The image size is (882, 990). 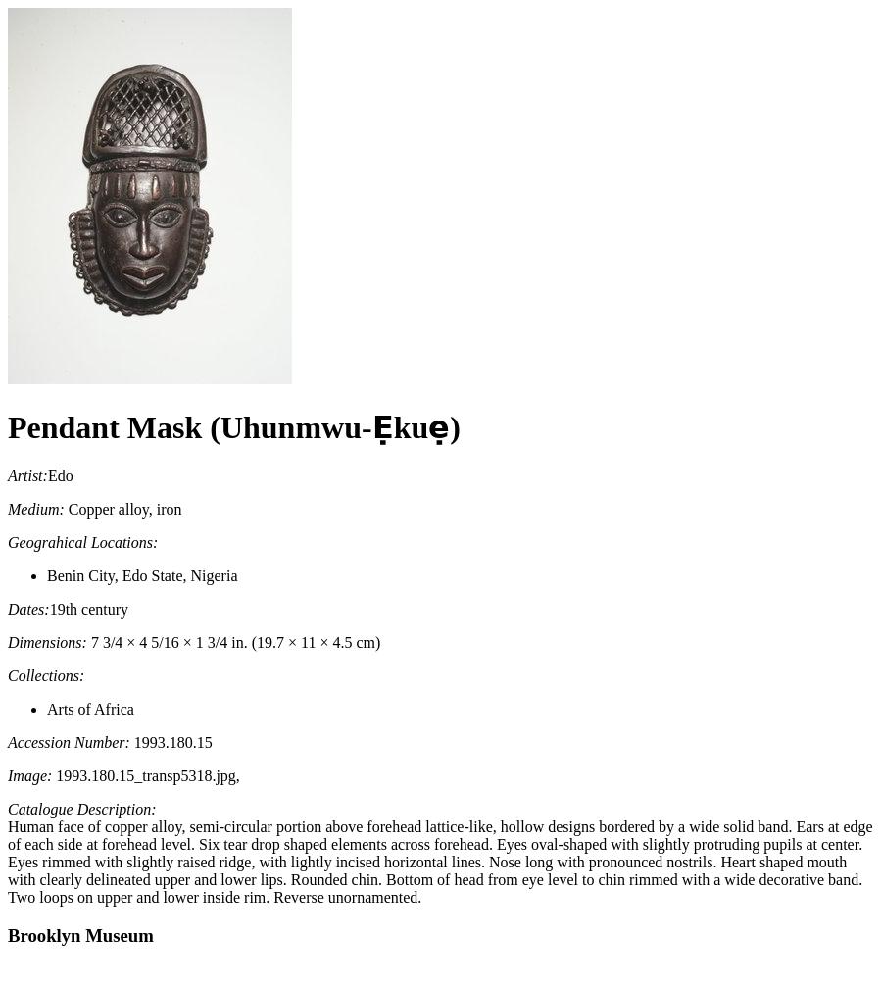 I want to click on 'Pendant Mask (Uhunmwu-Ẹkuẹ)', so click(x=232, y=427).